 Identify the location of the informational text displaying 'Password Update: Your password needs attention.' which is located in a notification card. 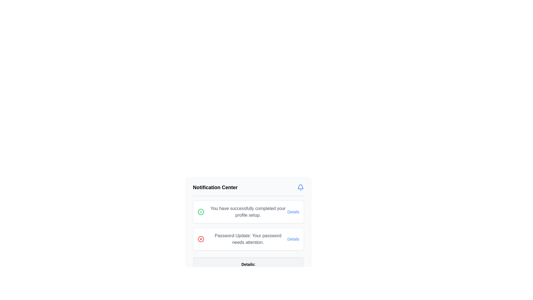
(248, 239).